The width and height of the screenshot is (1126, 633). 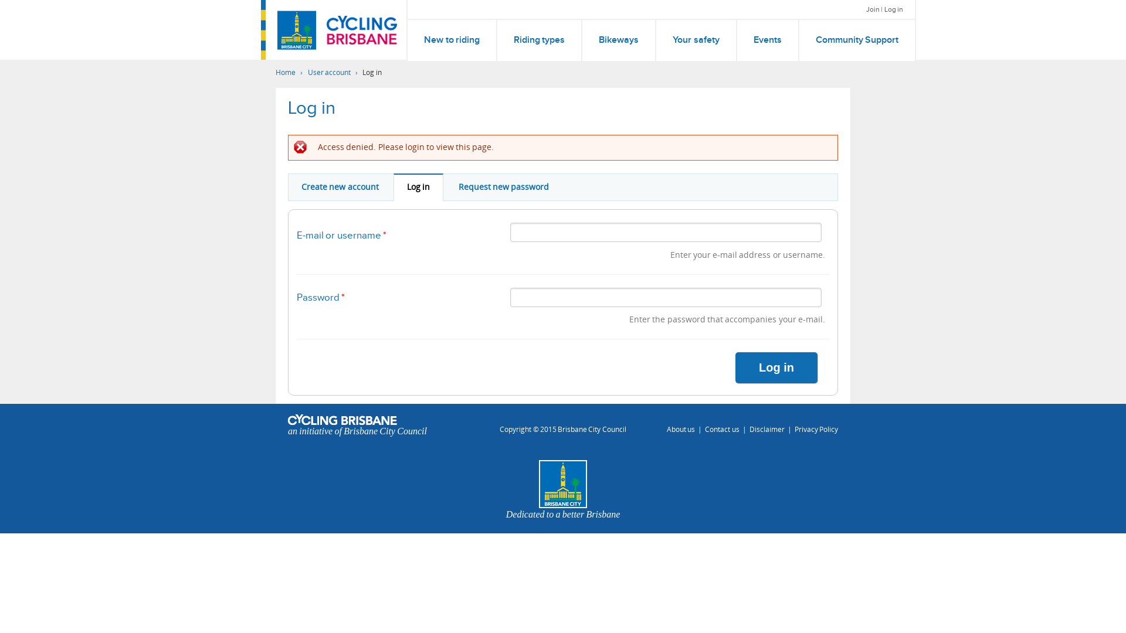 What do you see at coordinates (361, 29) in the screenshot?
I see `'Cycling Brisbane'` at bounding box center [361, 29].